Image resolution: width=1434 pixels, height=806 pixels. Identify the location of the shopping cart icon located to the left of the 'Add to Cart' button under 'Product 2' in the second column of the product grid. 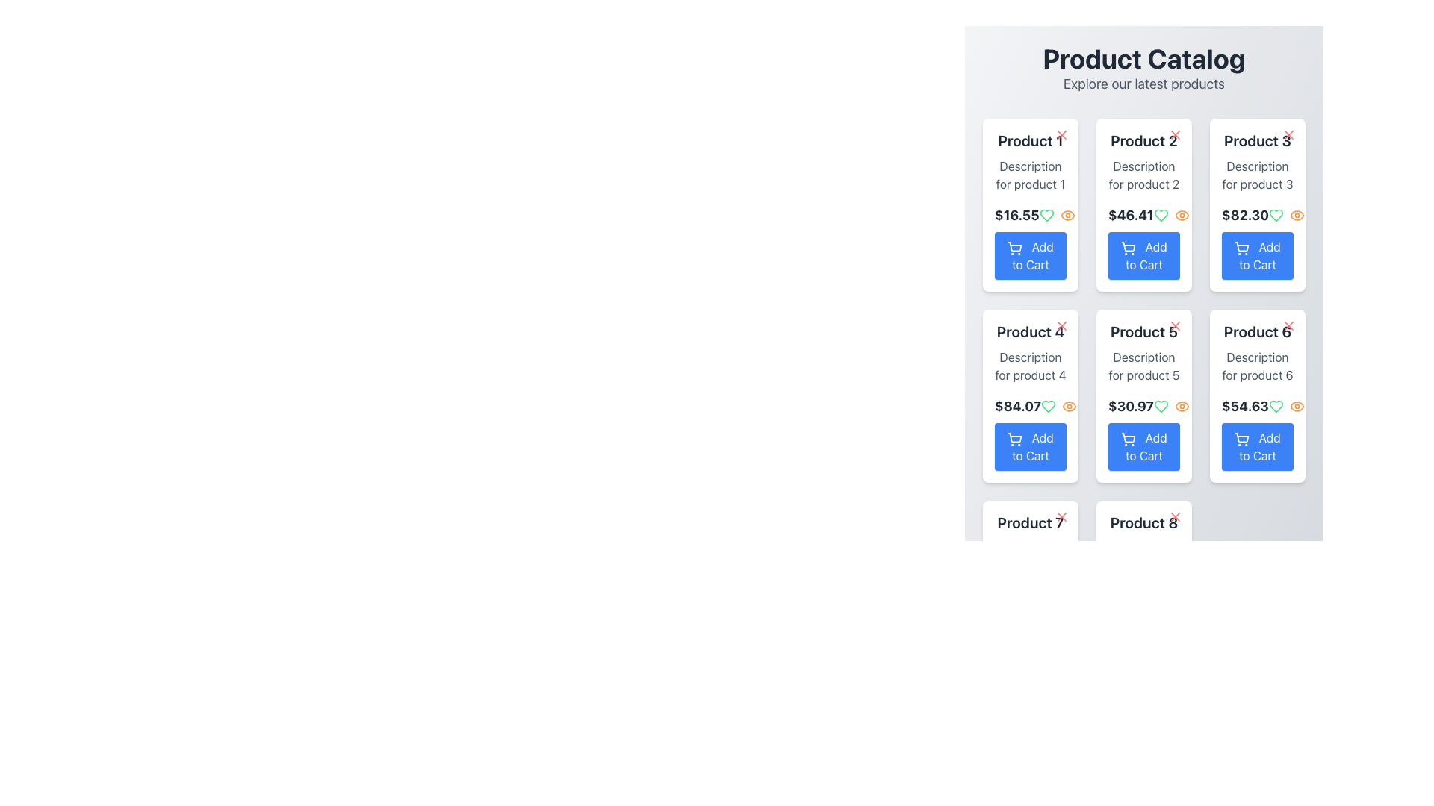
(1129, 247).